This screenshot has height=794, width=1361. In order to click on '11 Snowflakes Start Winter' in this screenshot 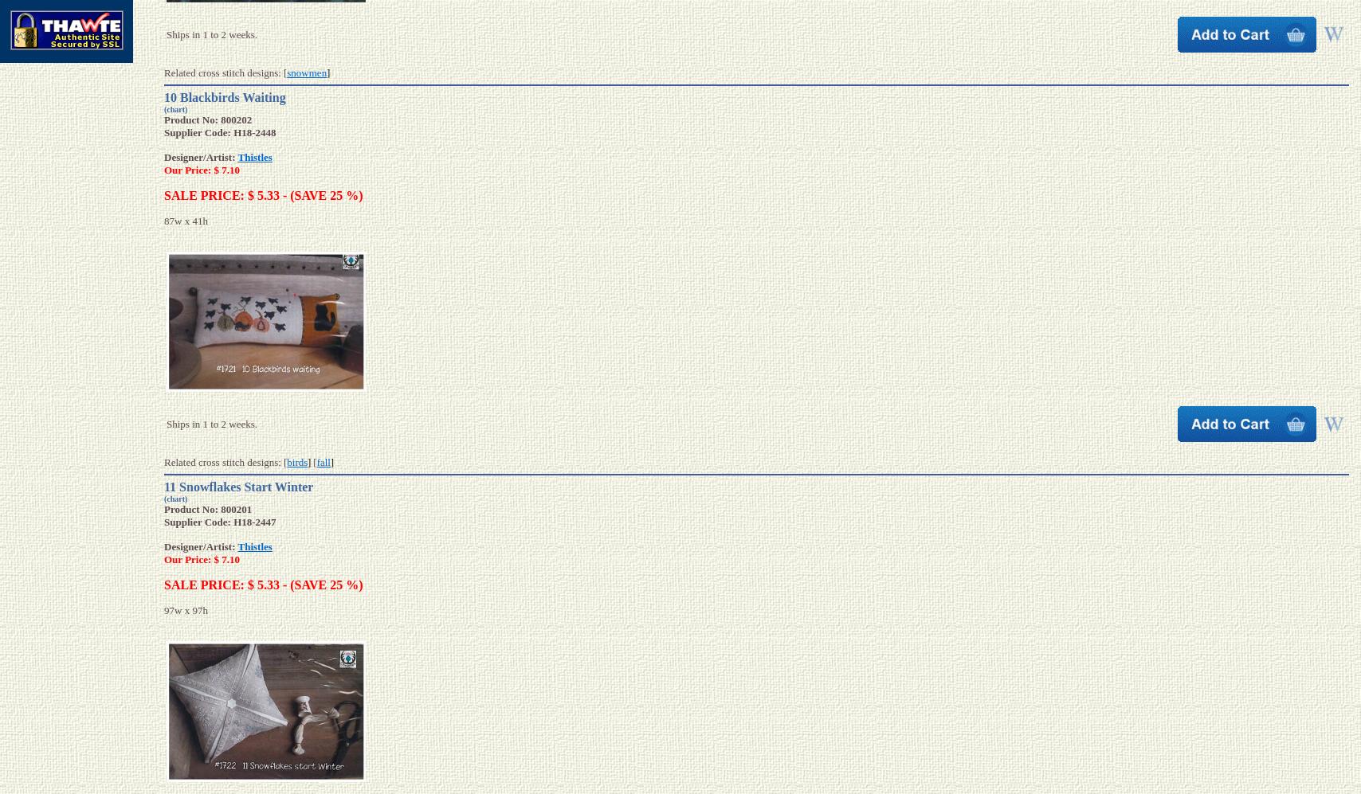, I will do `click(238, 486)`.